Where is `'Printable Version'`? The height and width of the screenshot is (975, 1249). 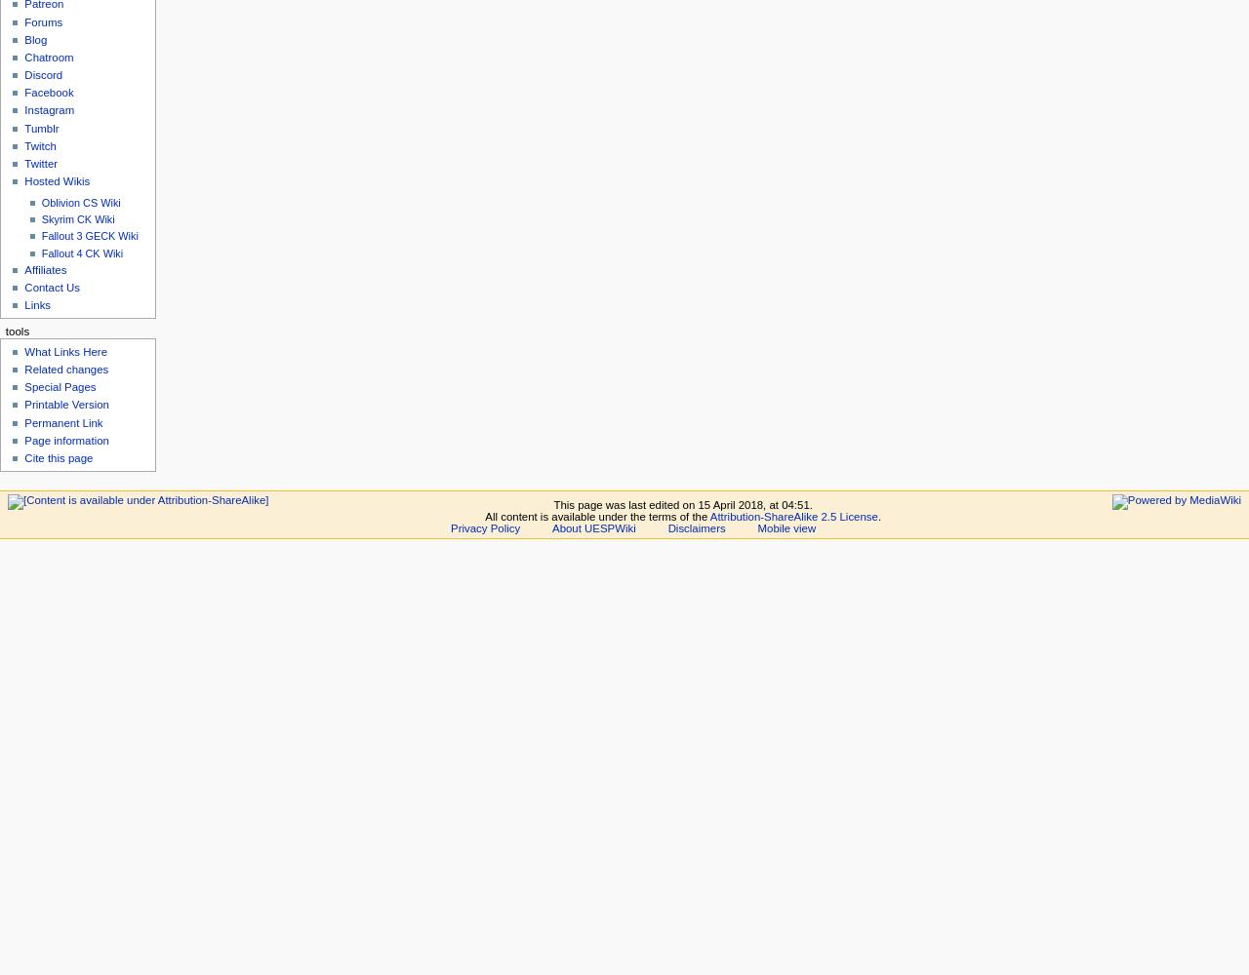
'Printable Version' is located at coordinates (65, 405).